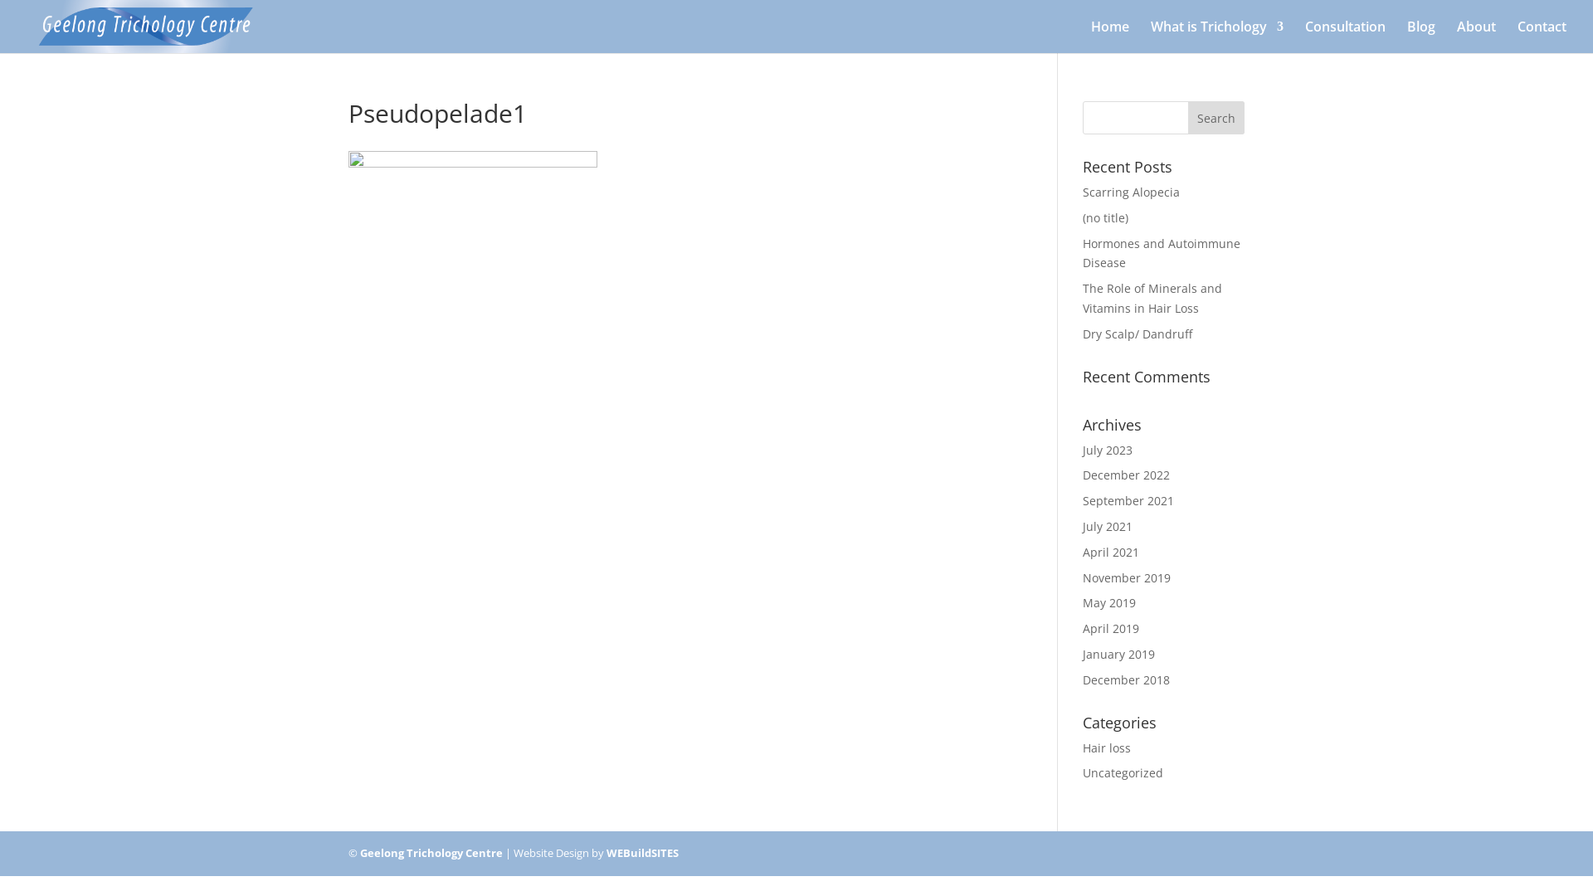 This screenshot has width=1593, height=896. Describe the element at coordinates (1083, 191) in the screenshot. I see `'Scarring Alopecia'` at that location.